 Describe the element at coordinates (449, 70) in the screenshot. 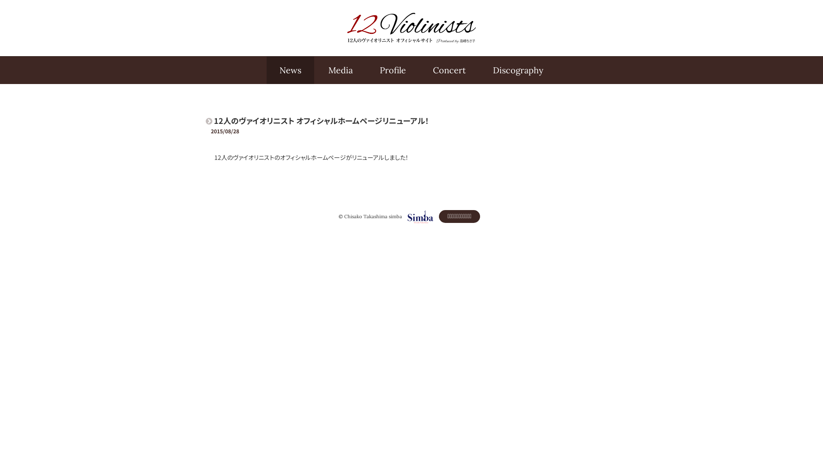

I see `'Concert'` at that location.